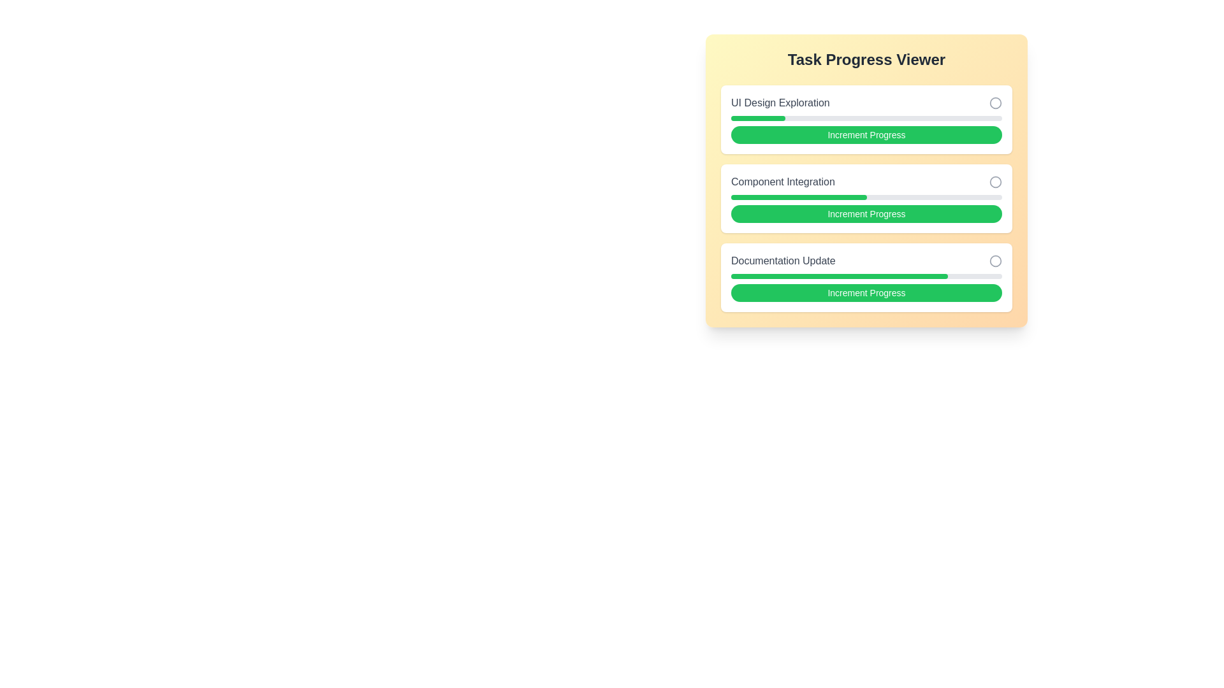 The height and width of the screenshot is (688, 1224). Describe the element at coordinates (994, 103) in the screenshot. I see `the circular graphic icon with a light gray outline located to the far right of the 'UI Design Exploration' row, next to the accompanying text label` at that location.